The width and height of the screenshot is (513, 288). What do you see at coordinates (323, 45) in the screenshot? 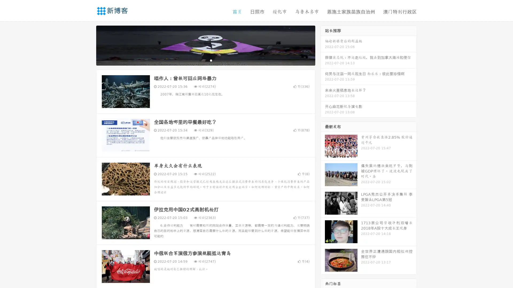
I see `Next slide` at bounding box center [323, 45].